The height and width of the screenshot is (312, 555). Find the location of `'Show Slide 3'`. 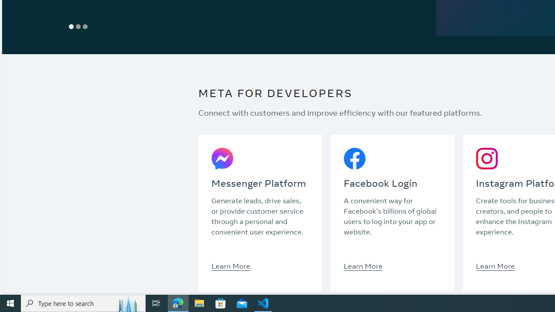

'Show Slide 3' is located at coordinates (85, 26).